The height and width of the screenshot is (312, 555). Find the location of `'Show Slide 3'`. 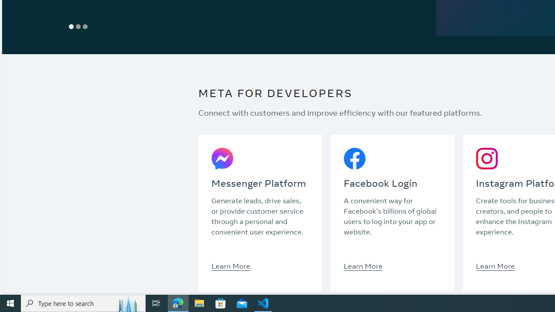

'Show Slide 3' is located at coordinates (85, 26).